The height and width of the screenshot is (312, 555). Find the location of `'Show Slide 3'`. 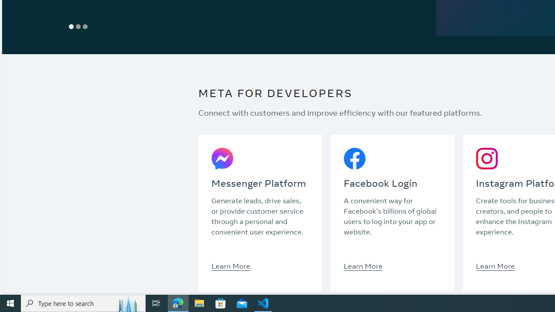

'Show Slide 3' is located at coordinates (85, 26).